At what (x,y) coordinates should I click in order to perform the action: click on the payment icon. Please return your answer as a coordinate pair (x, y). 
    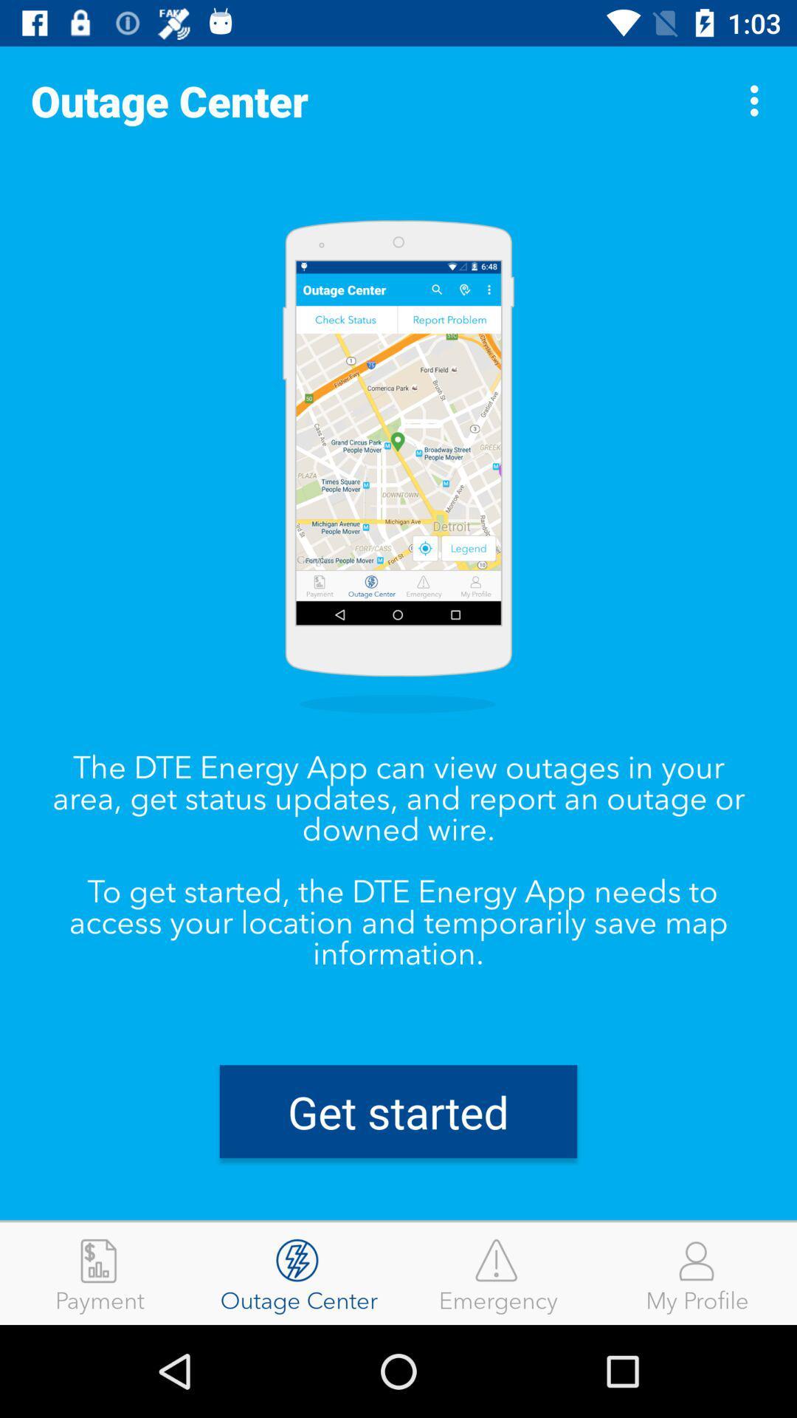
    Looking at the image, I should click on (100, 1273).